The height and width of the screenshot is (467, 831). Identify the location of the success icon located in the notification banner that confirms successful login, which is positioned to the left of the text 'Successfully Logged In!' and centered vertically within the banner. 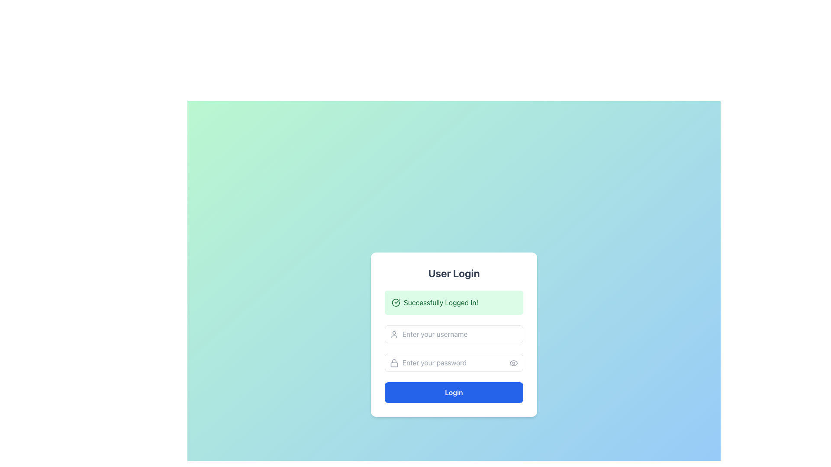
(396, 302).